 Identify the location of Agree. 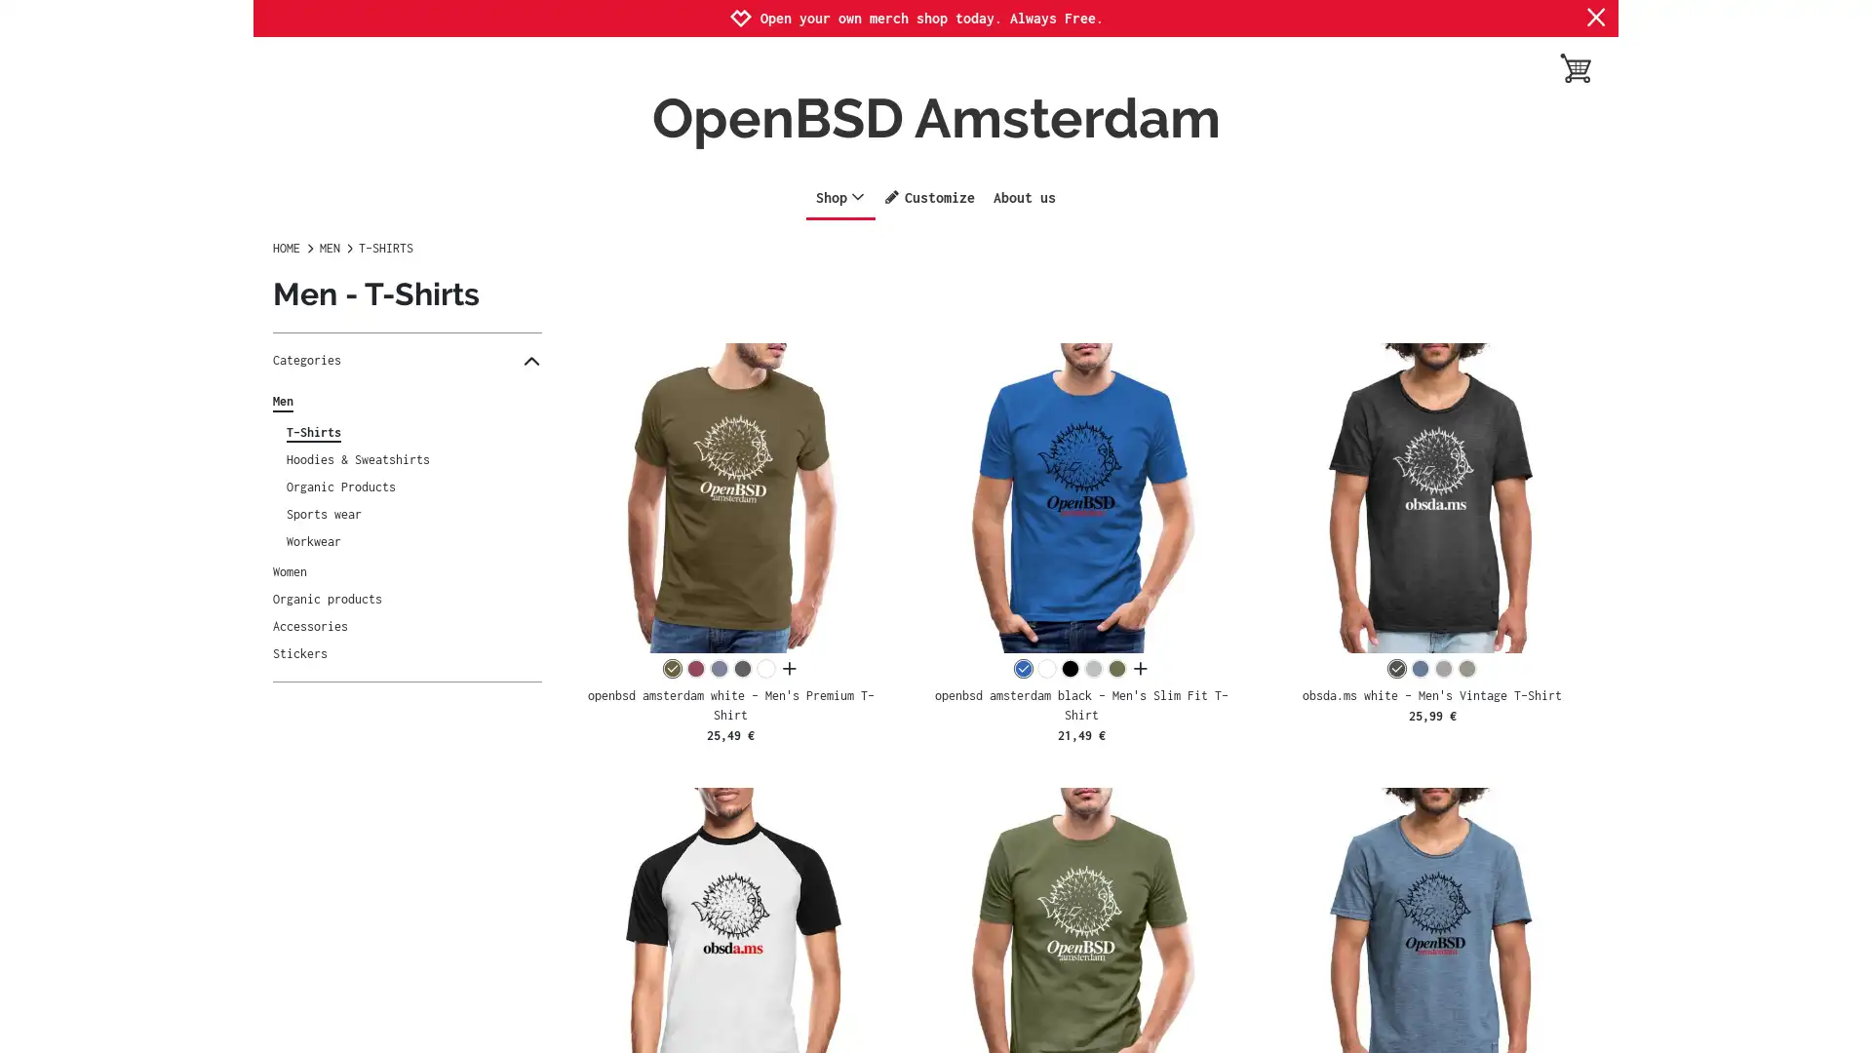
(1394, 939).